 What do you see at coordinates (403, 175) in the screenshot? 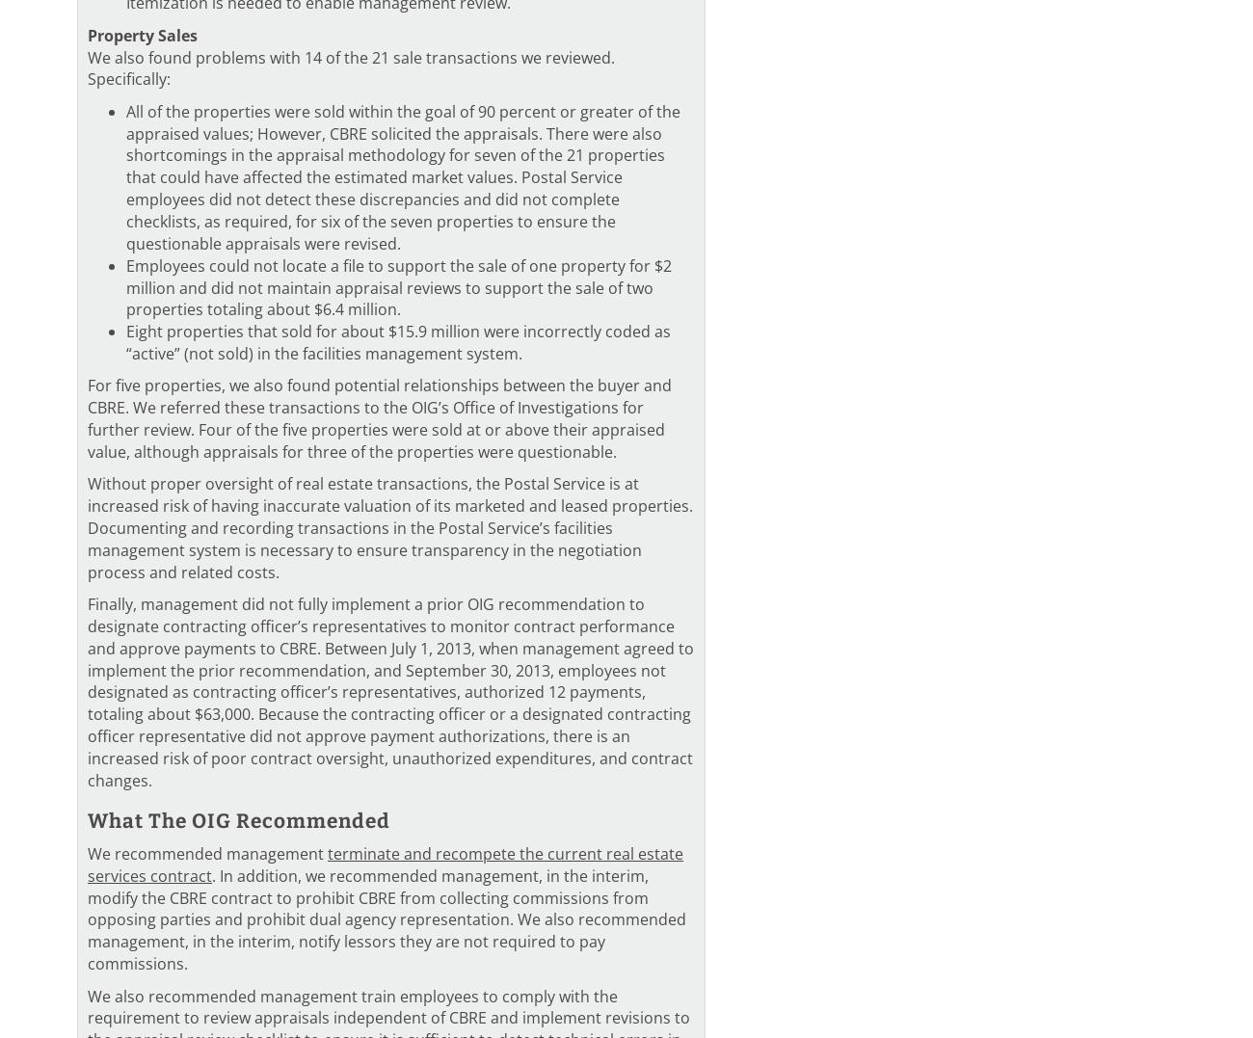
I see `'All of the properties were sold within the goal of 90 percent or greater of the appraised values; However, CBRE solicited the appraisals. There were also shortcomings in the appraisal methodology for seven of the 21 properties that could have affected the estimated market values. Postal Service employees did not detect these discrepancies and did not complete checklists, as required, for six of the seven properties to ensure the questionable appraisals were revised.'` at bounding box center [403, 175].